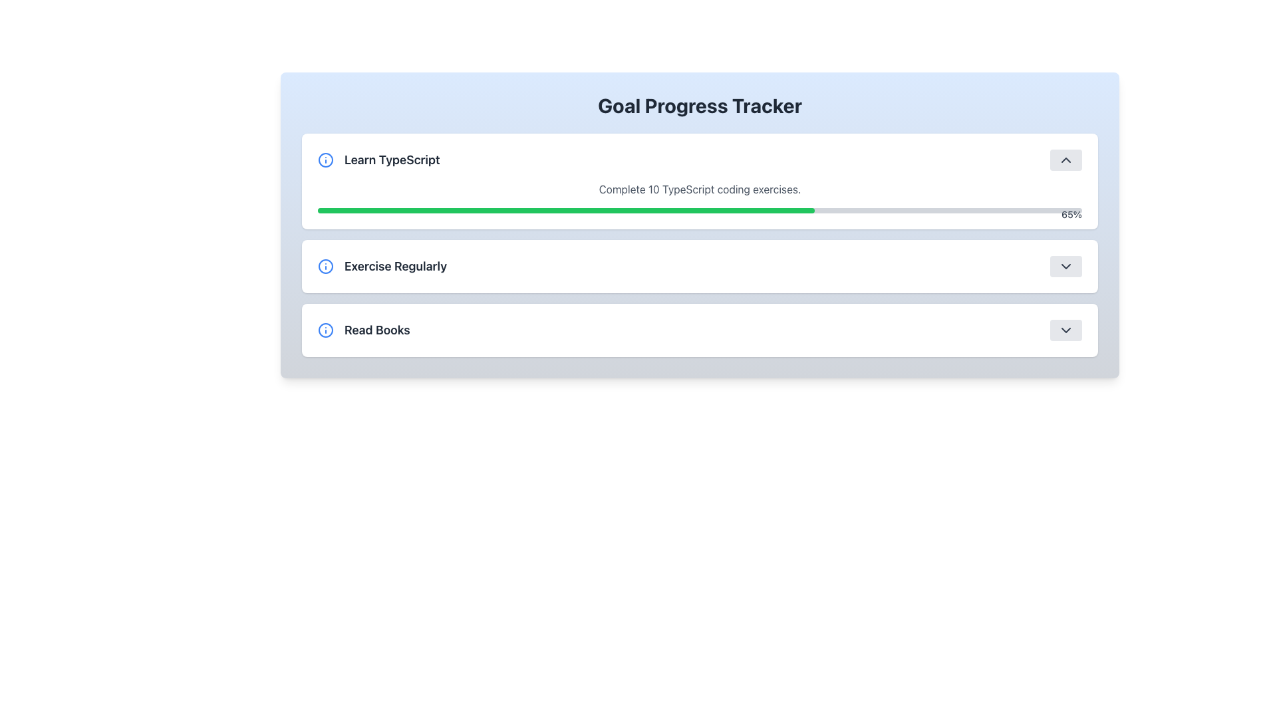 This screenshot has width=1277, height=718. Describe the element at coordinates (378, 159) in the screenshot. I see `the 'Learn TypeScript' text label, which is styled with a bold font and a dark color, located in the first row of the Goal Progress Tracker section` at that location.